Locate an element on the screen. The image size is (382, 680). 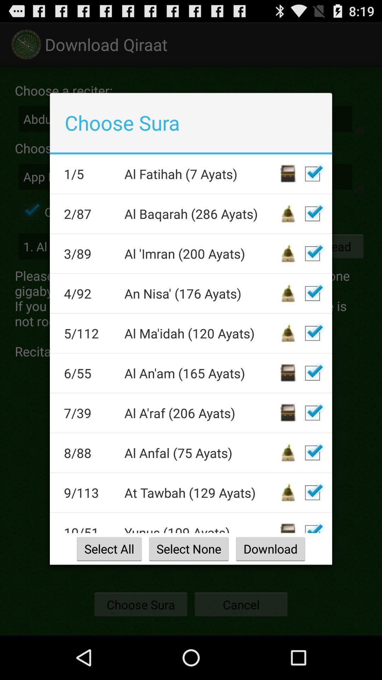
mark for deletion is located at coordinates (312, 333).